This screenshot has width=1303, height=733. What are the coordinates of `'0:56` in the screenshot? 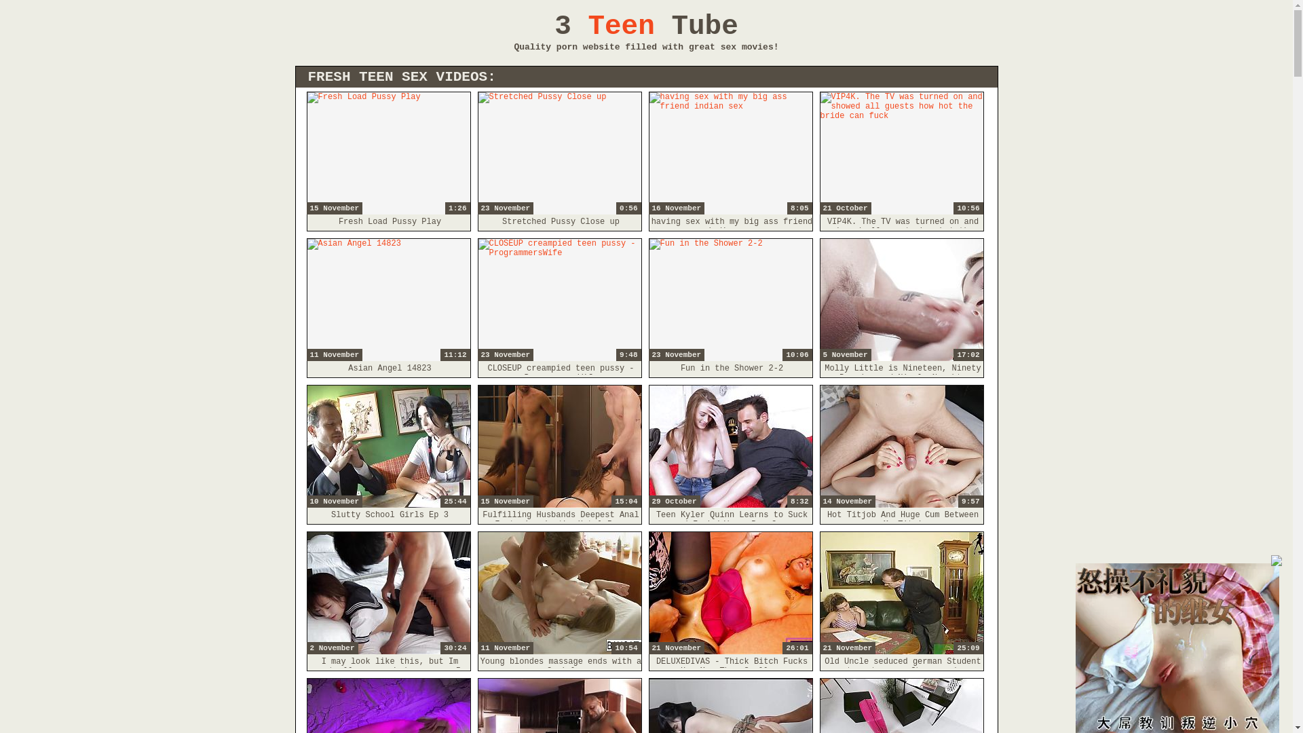 It's located at (559, 153).